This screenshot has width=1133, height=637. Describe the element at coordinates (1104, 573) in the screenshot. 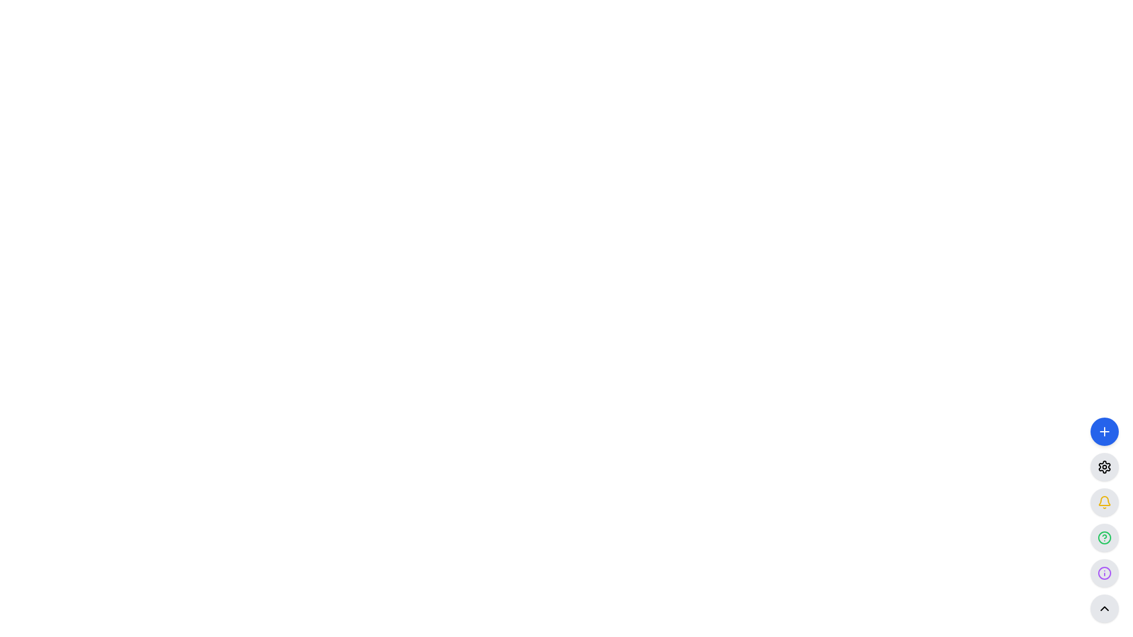

I see `the outer purple circular boundary of the SVG graphic located in the bottom right corner of the application interface, which is the fifth icon from the top in the vertical toolbar` at that location.